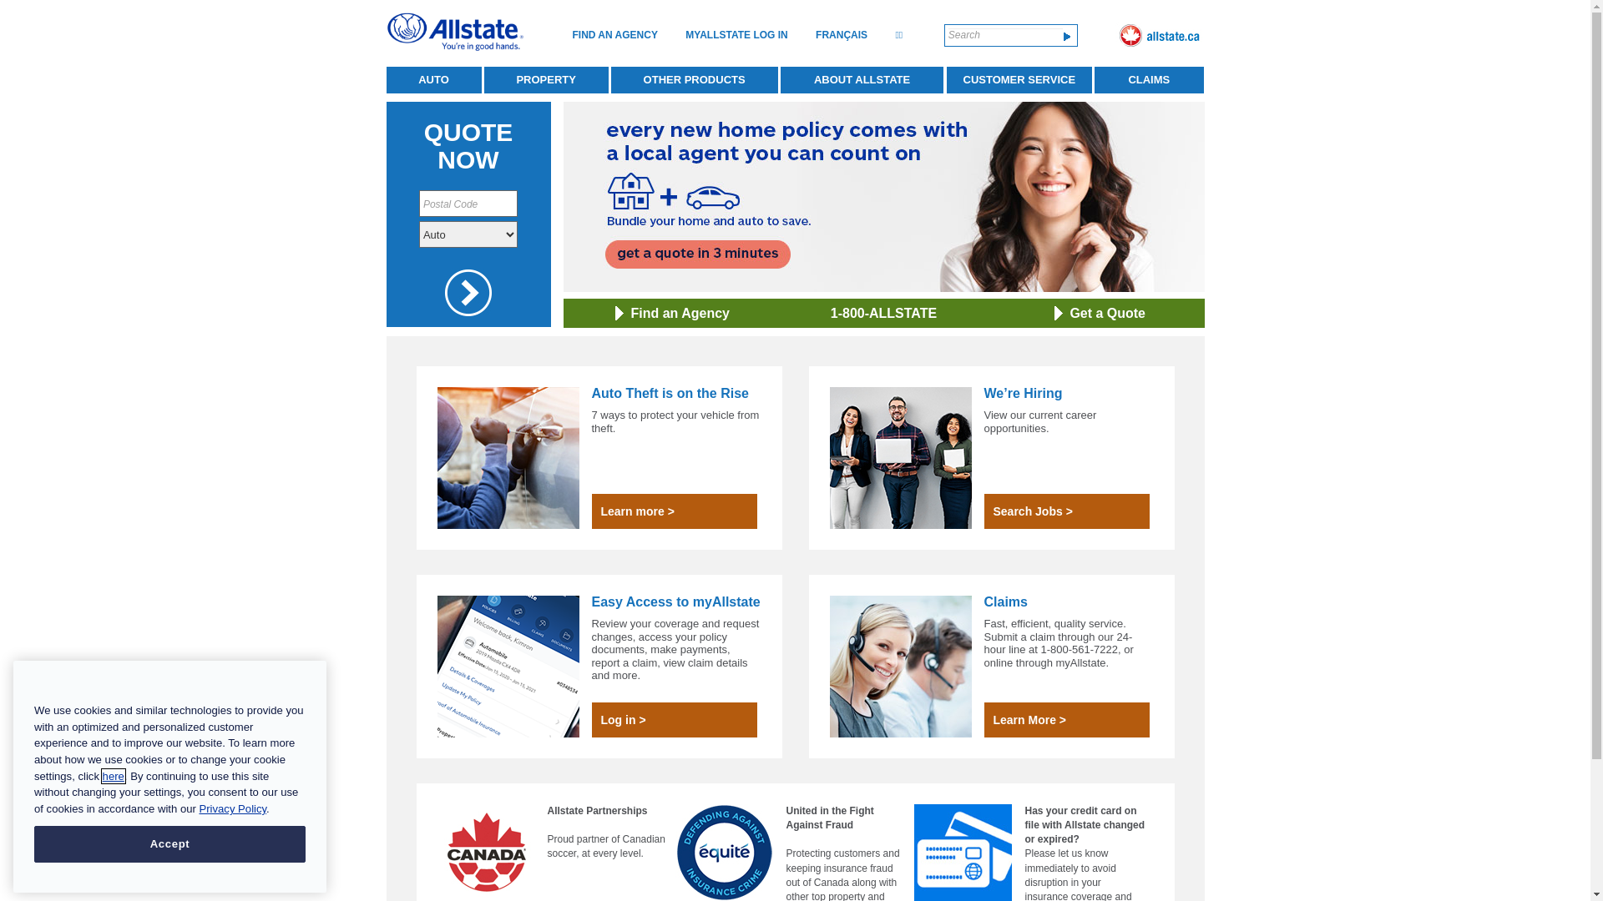  Describe the element at coordinates (1148, 80) in the screenshot. I see `'CLAIMS'` at that location.